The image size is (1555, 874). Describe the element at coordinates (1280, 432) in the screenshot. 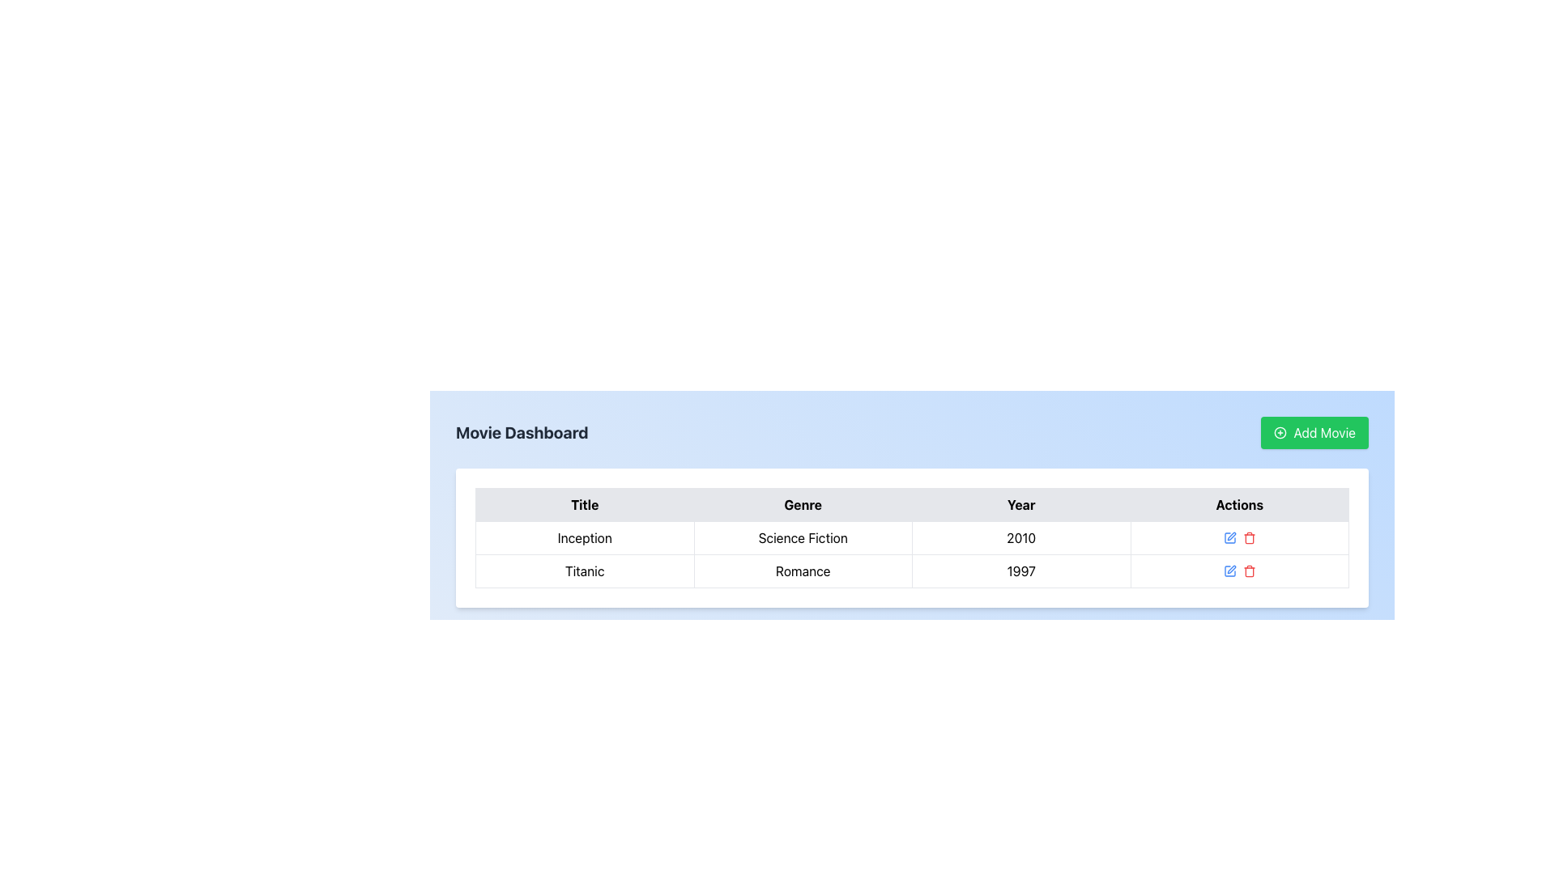

I see `the circular green icon with a plus symbol at the center, located to the left of the 'Add Movie' text on the upper right of the 'Movie Dashboard'` at that location.